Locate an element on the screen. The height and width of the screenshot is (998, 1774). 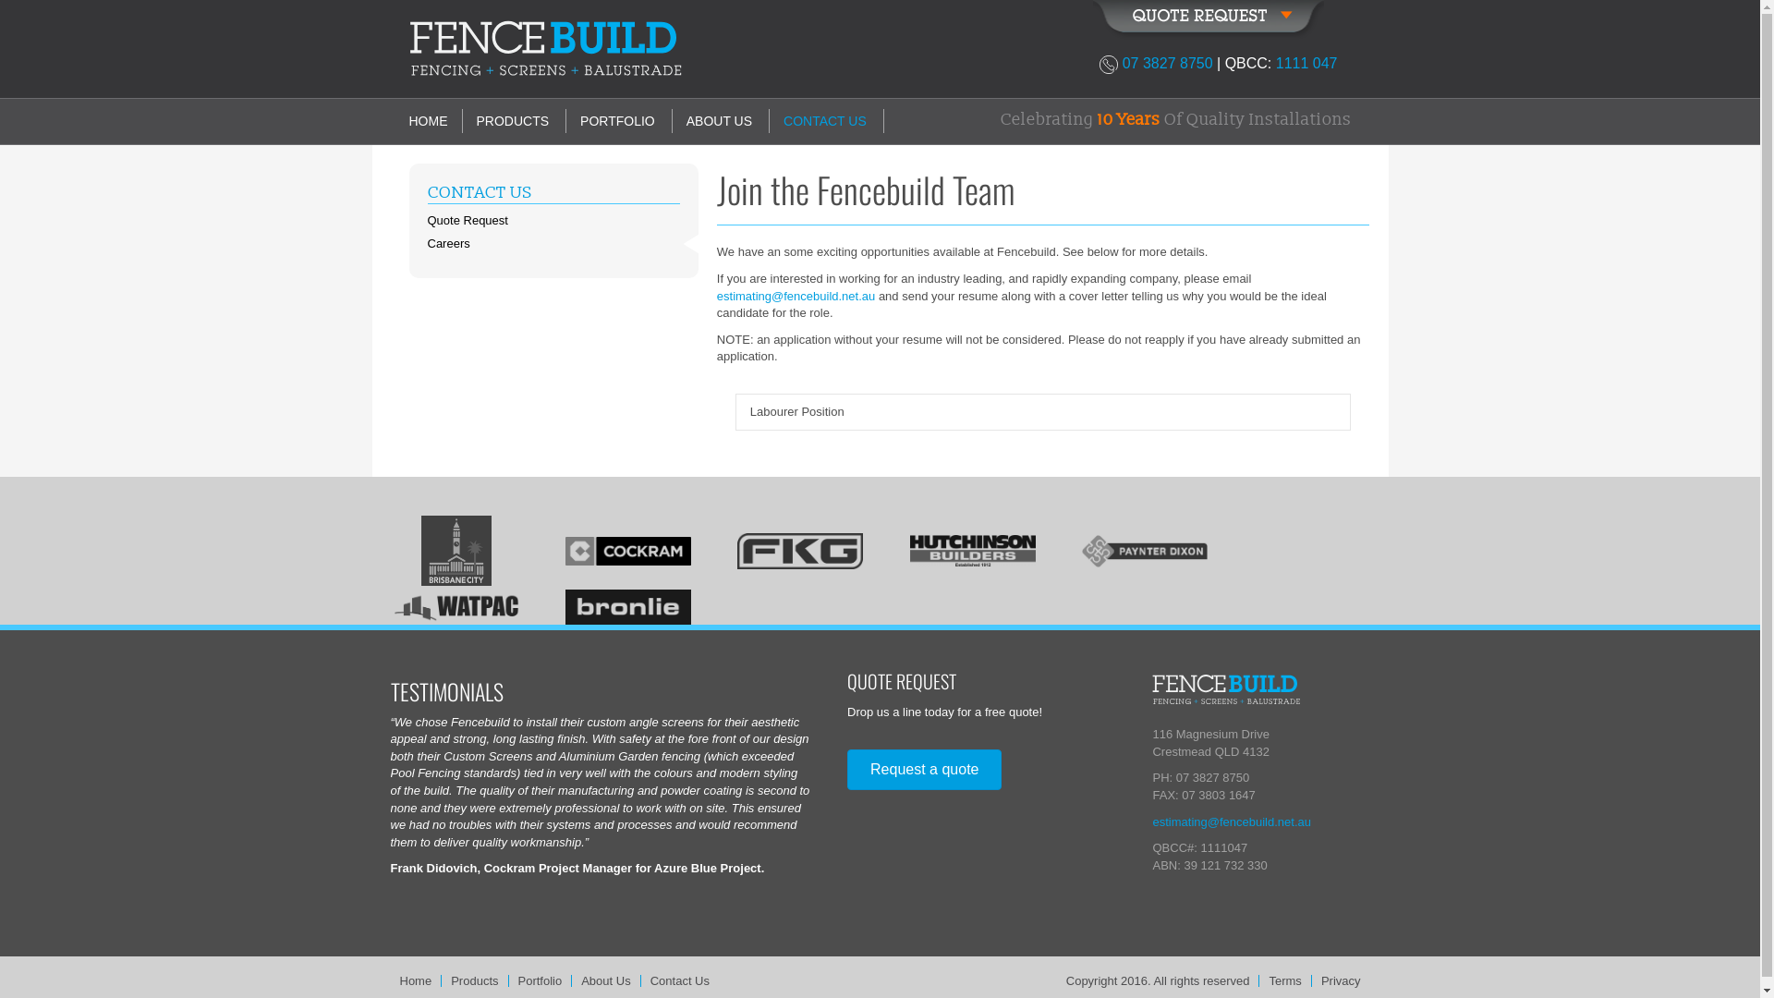
'Privacy' is located at coordinates (1341, 980).